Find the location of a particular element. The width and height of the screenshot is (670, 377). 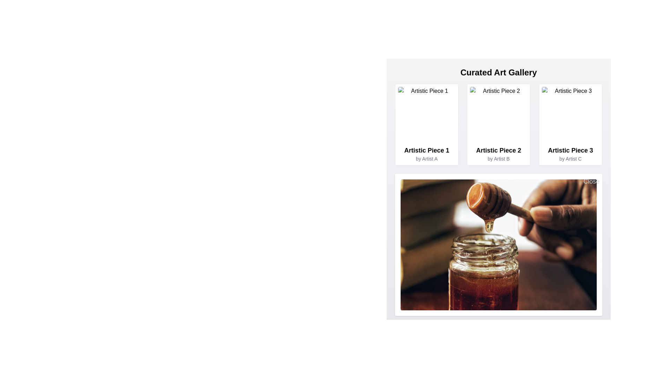

the title text display for a piece of art in the gallery, located at the center column, above the artist's name is located at coordinates (498, 150).